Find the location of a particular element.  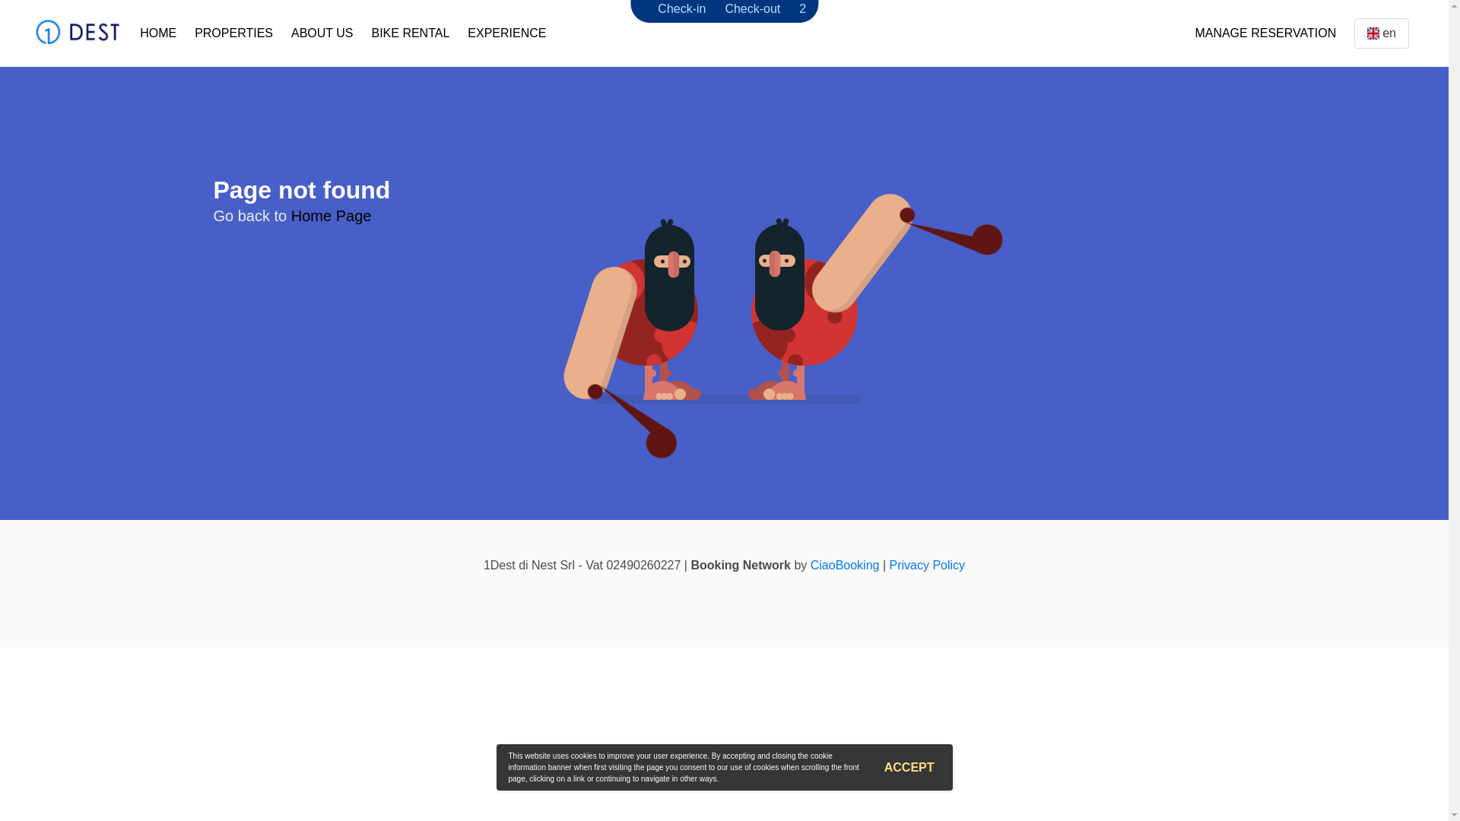

'ABOUT US' is located at coordinates (281, 33).